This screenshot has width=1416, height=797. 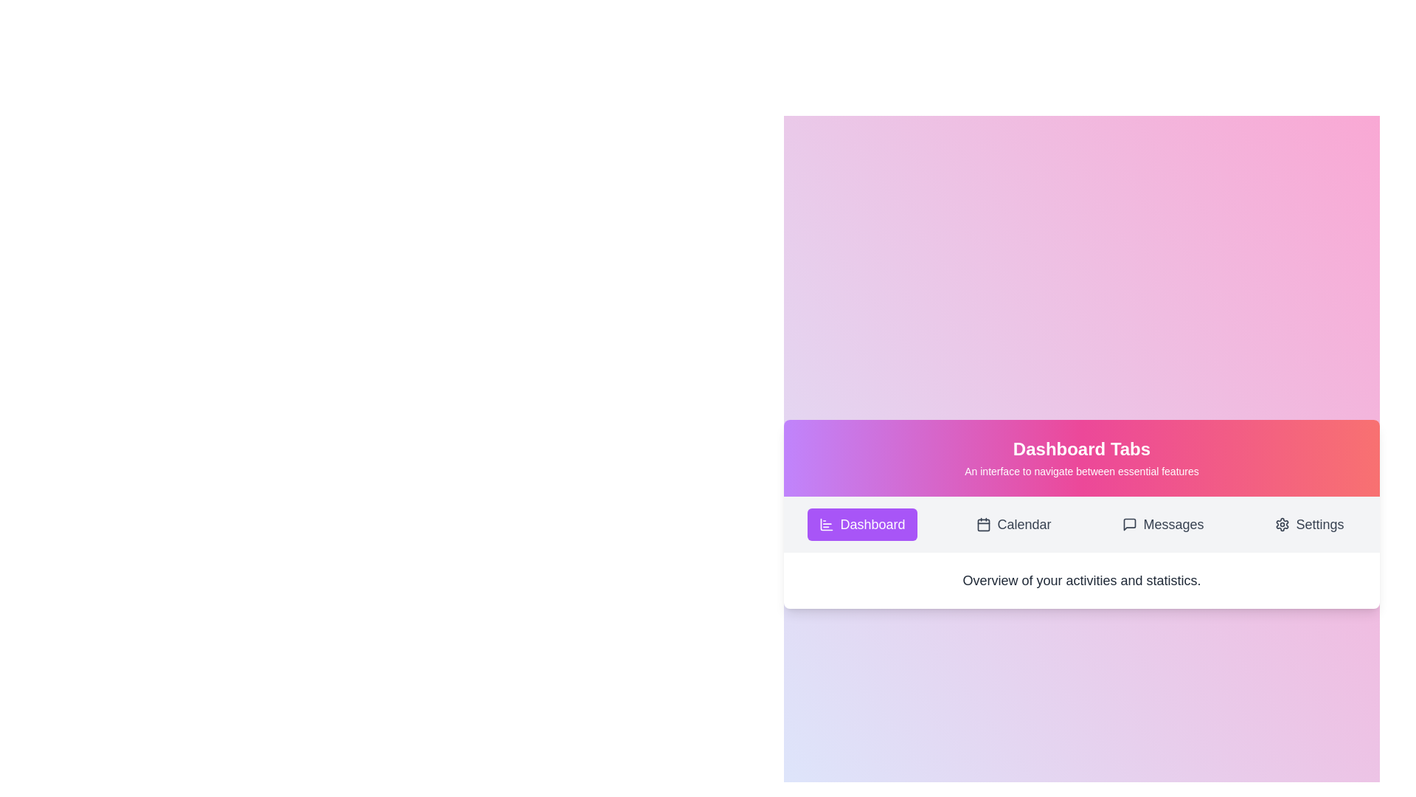 I want to click on the bold textual label reading 'Dashboard Tabs' that is prominently displayed near the top-center of the header area with a gradient background, so click(x=1082, y=449).